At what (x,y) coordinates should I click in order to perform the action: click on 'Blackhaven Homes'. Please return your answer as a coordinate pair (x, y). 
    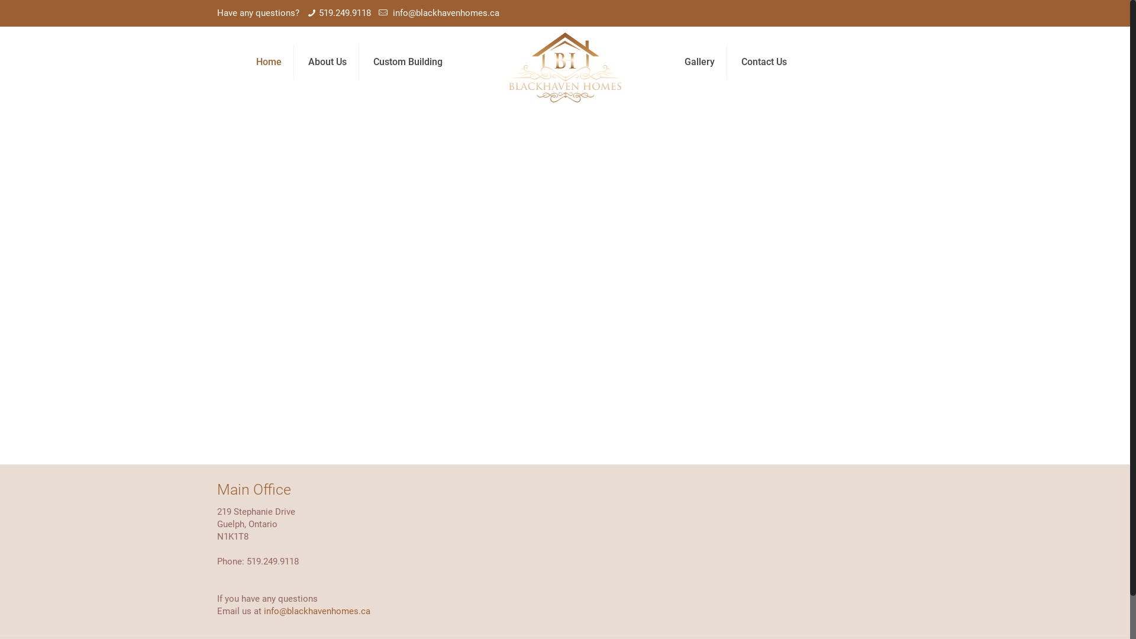
    Looking at the image, I should click on (564, 68).